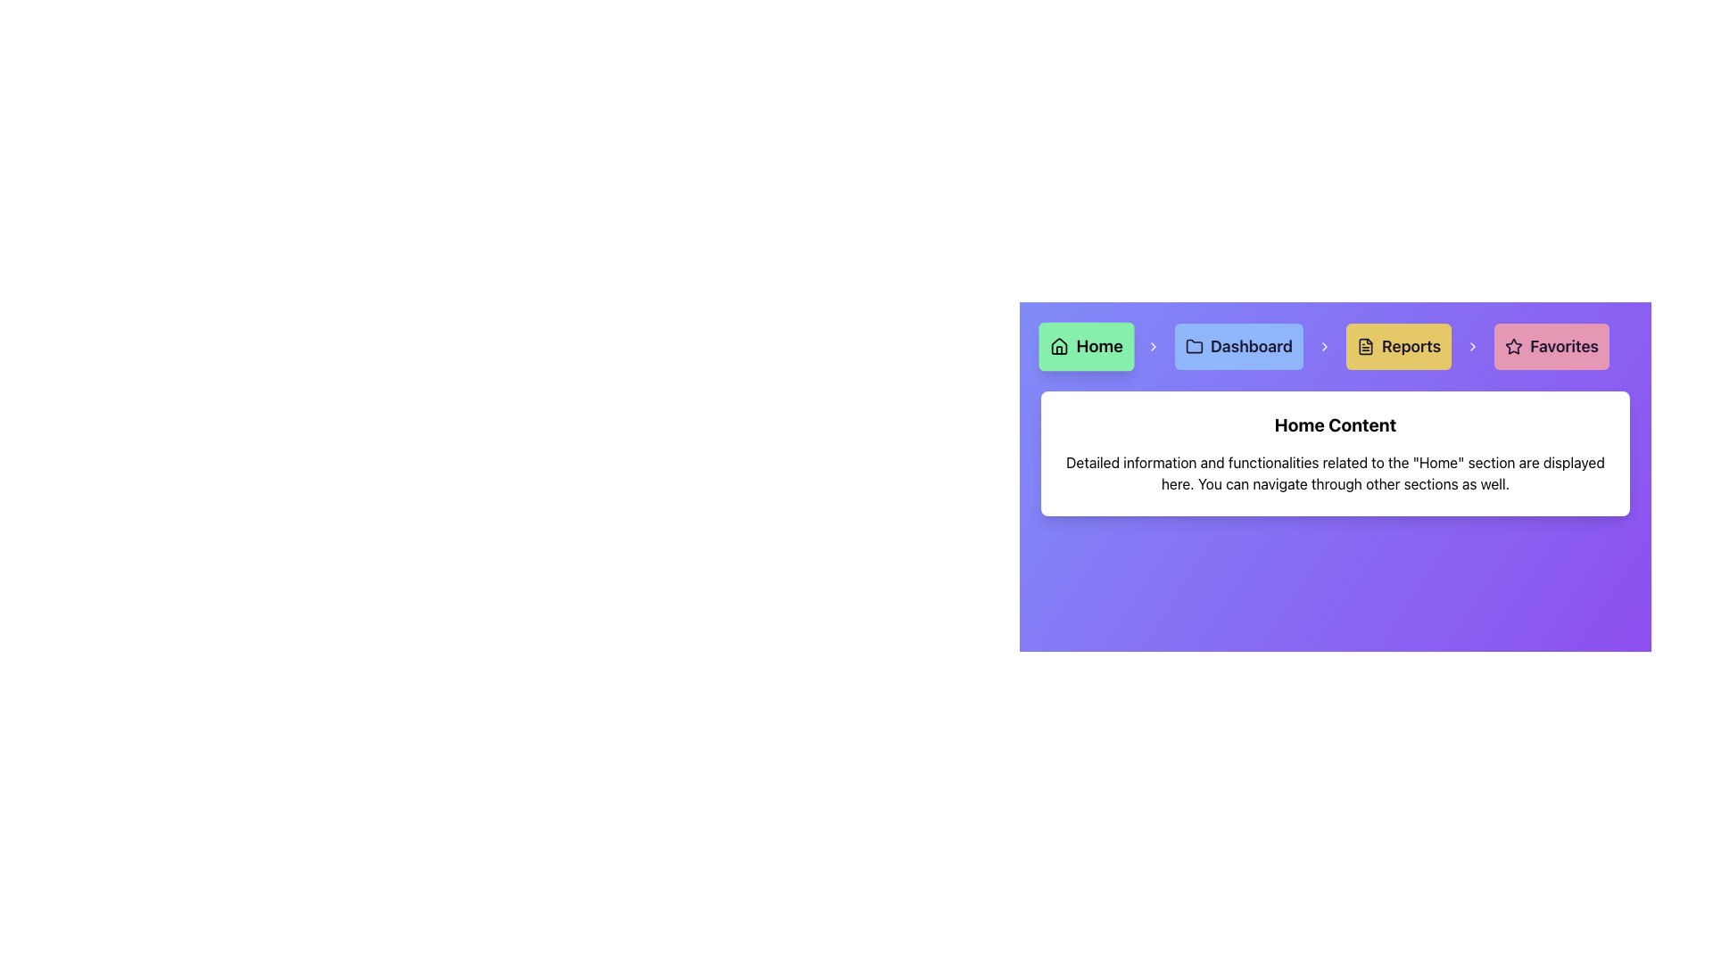 The image size is (1713, 963). I want to click on the 'Dashboard' icon located in the navigation bar, which is the second button from the left and is associated with the textual label 'Dashboard', so click(1195, 347).